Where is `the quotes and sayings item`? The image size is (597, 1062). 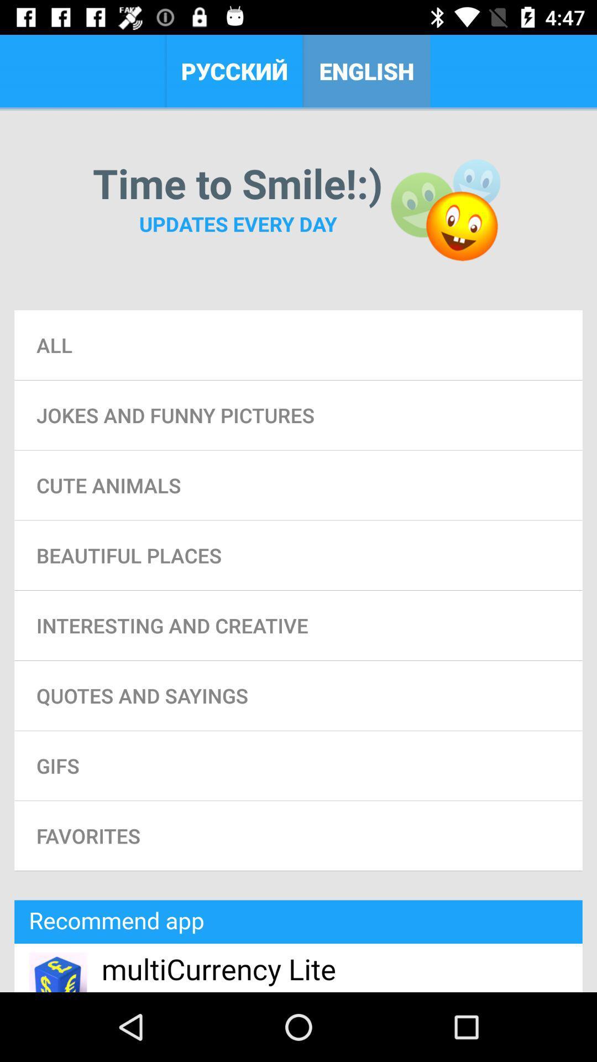
the quotes and sayings item is located at coordinates (298, 695).